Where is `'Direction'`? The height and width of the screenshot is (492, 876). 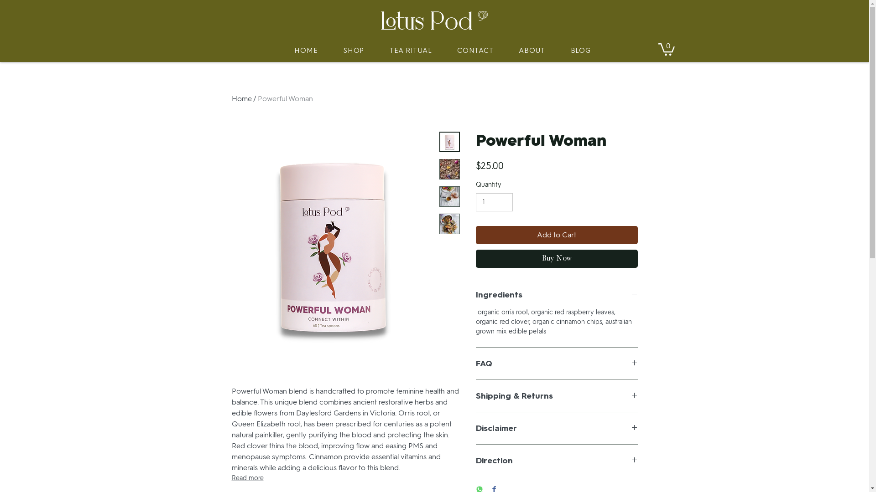 'Direction' is located at coordinates (556, 460).